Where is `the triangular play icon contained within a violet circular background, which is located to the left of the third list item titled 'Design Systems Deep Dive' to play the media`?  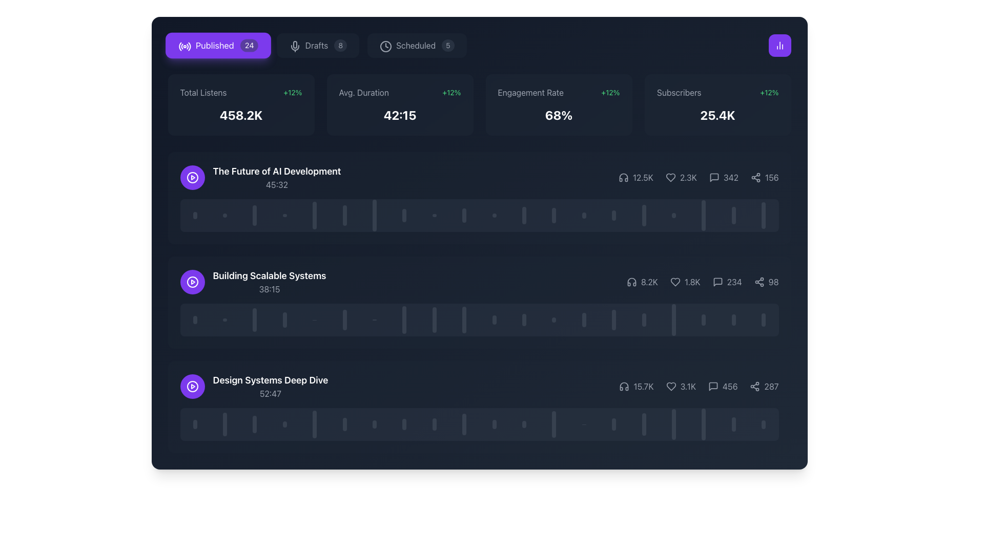 the triangular play icon contained within a violet circular background, which is located to the left of the third list item titled 'Design Systems Deep Dive' to play the media is located at coordinates (192, 387).